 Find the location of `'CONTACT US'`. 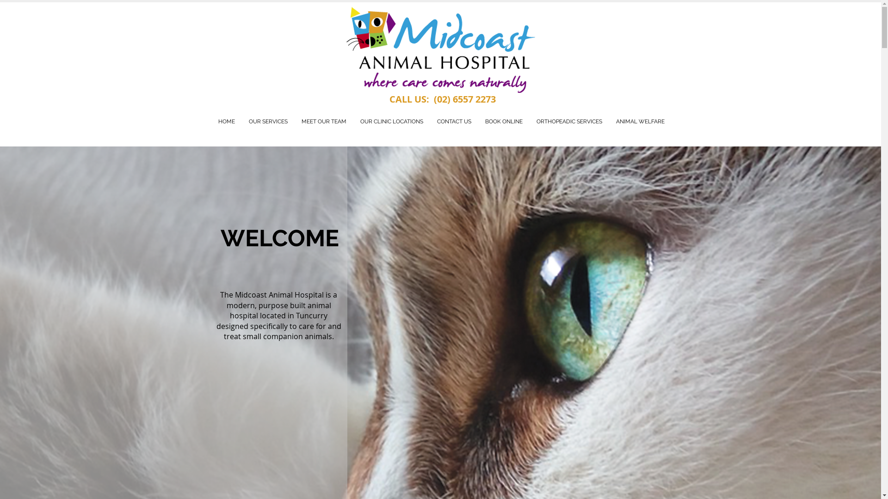

'CONTACT US' is located at coordinates (454, 121).